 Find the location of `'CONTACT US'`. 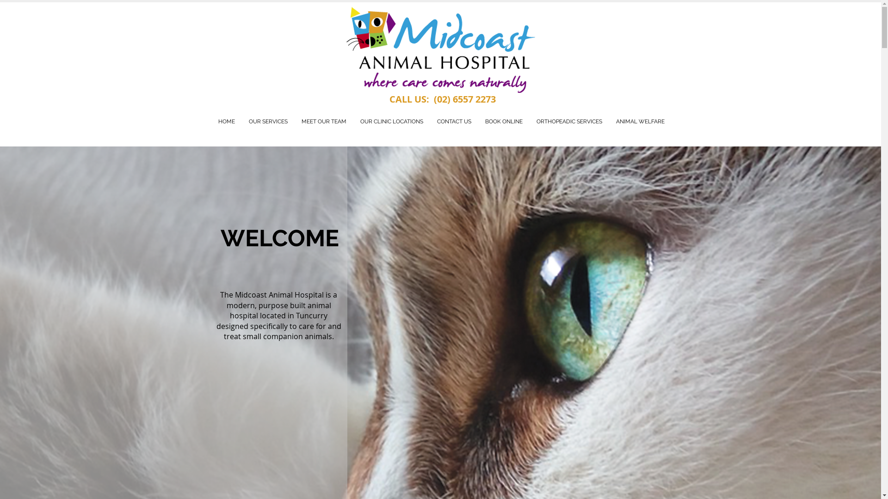

'CONTACT US' is located at coordinates (454, 121).